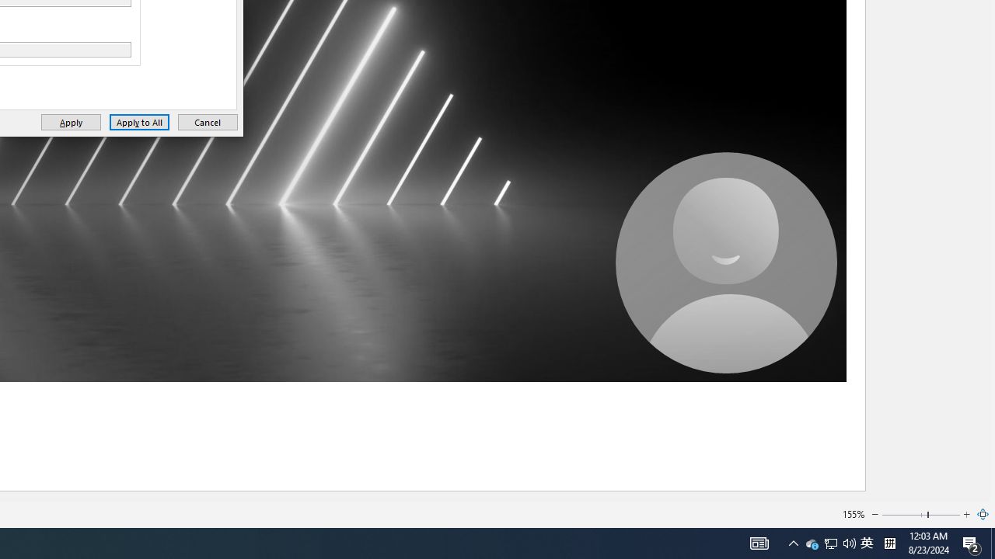 This screenshot has height=559, width=995. I want to click on 'Apply to All', so click(139, 121).